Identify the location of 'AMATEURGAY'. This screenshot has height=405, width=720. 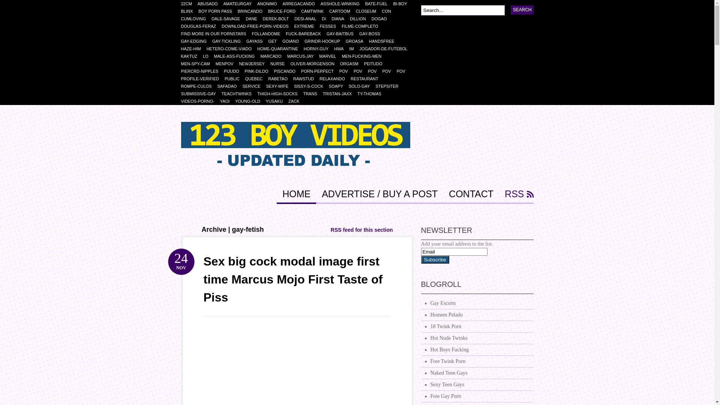
(240, 4).